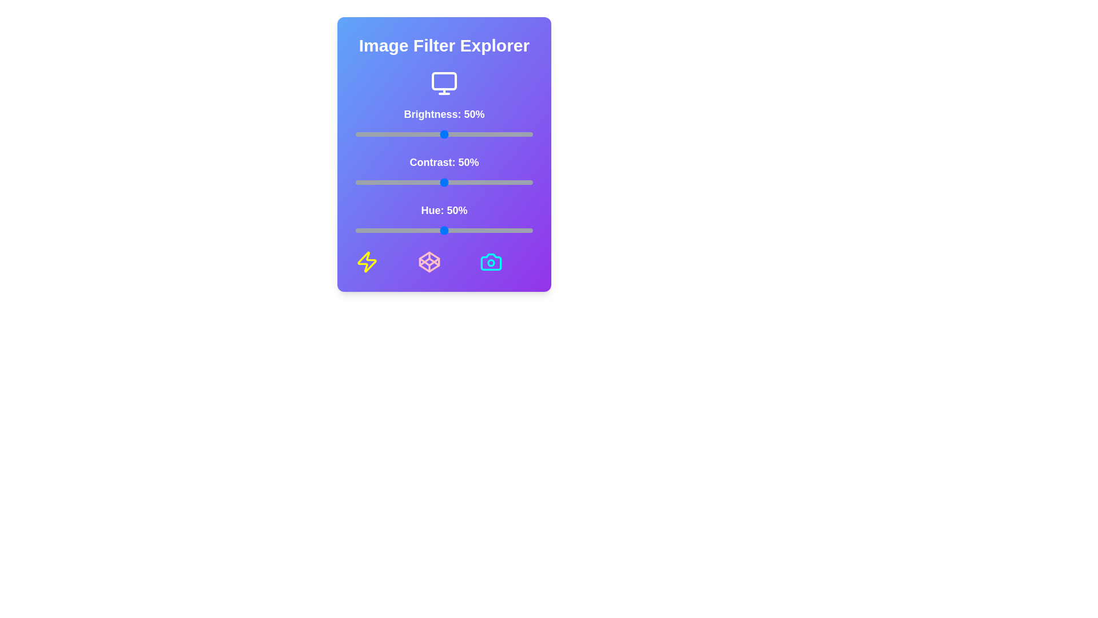  What do you see at coordinates (407, 182) in the screenshot?
I see `the contrast slider to 29%` at bounding box center [407, 182].